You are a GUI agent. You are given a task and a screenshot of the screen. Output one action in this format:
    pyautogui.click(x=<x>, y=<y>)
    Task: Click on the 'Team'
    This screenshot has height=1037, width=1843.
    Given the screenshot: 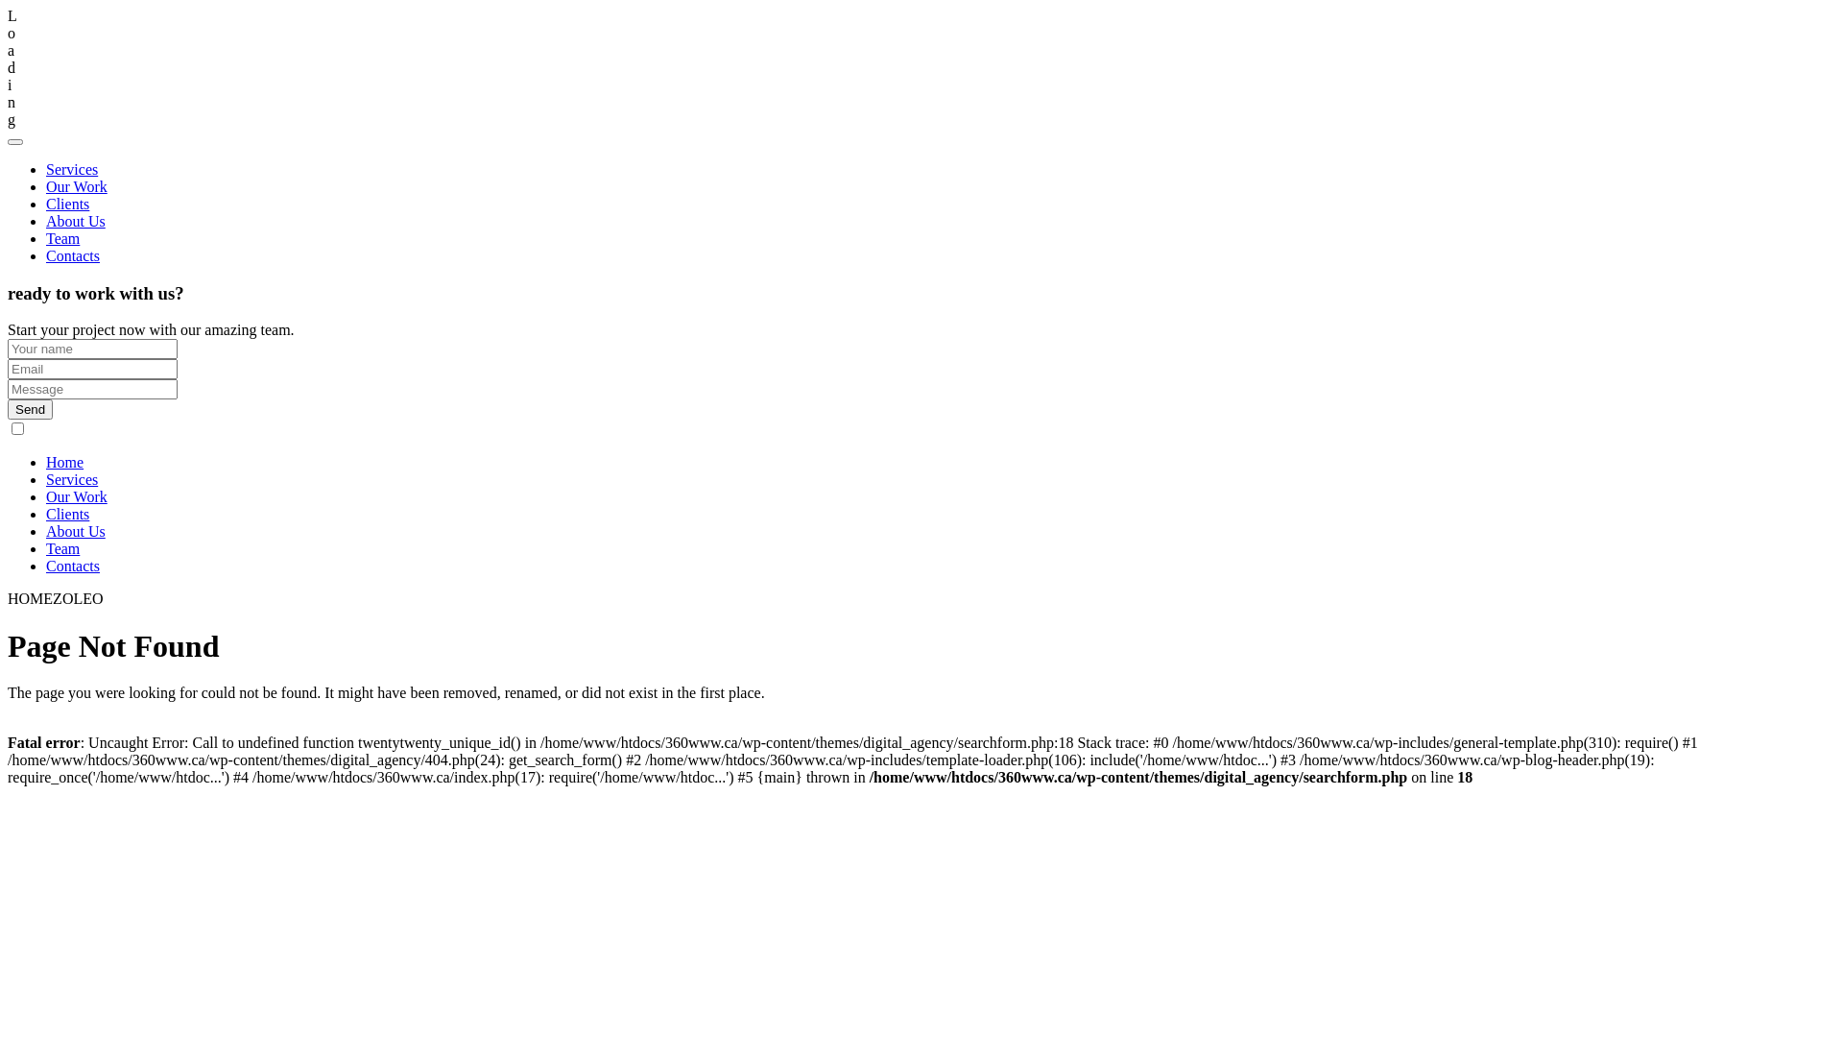 What is the action you would take?
    pyautogui.click(x=62, y=237)
    